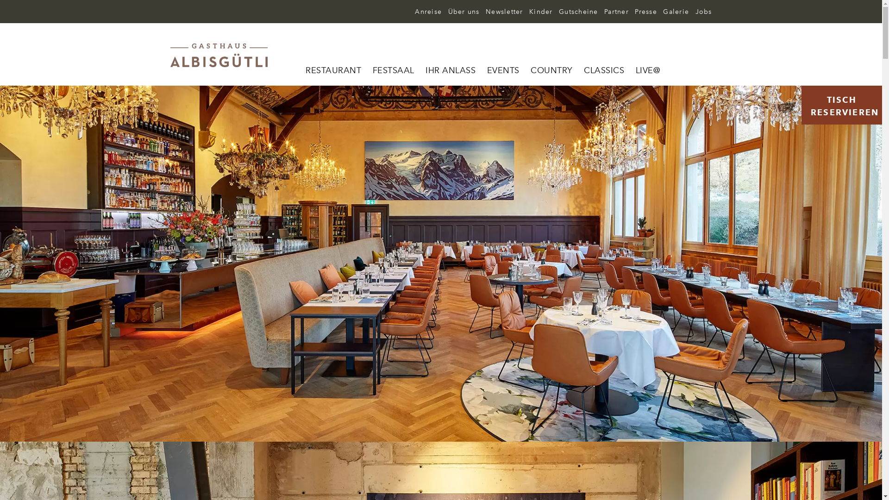 This screenshot has width=889, height=500. I want to click on 'Gutscheine', so click(576, 12).